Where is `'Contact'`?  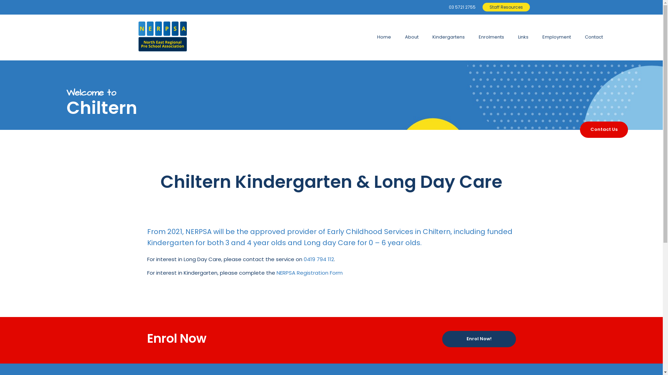
'Contact' is located at coordinates (578, 37).